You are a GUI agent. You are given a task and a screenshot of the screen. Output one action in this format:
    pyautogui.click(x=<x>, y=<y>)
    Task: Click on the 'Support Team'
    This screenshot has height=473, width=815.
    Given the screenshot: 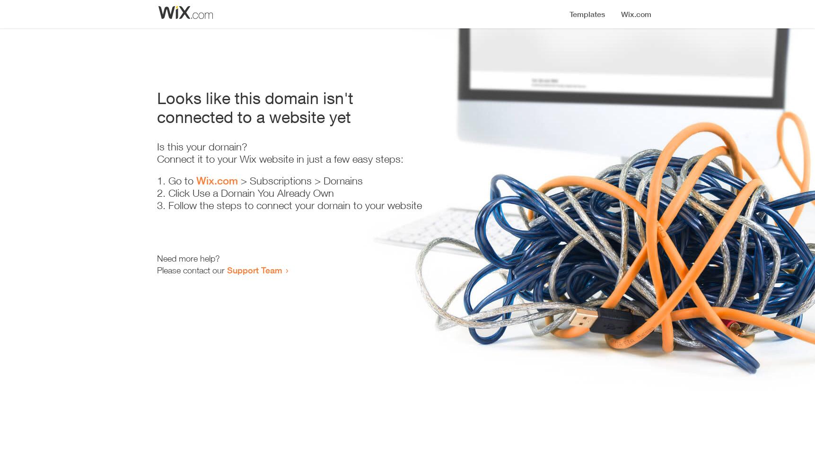 What is the action you would take?
    pyautogui.click(x=254, y=270)
    